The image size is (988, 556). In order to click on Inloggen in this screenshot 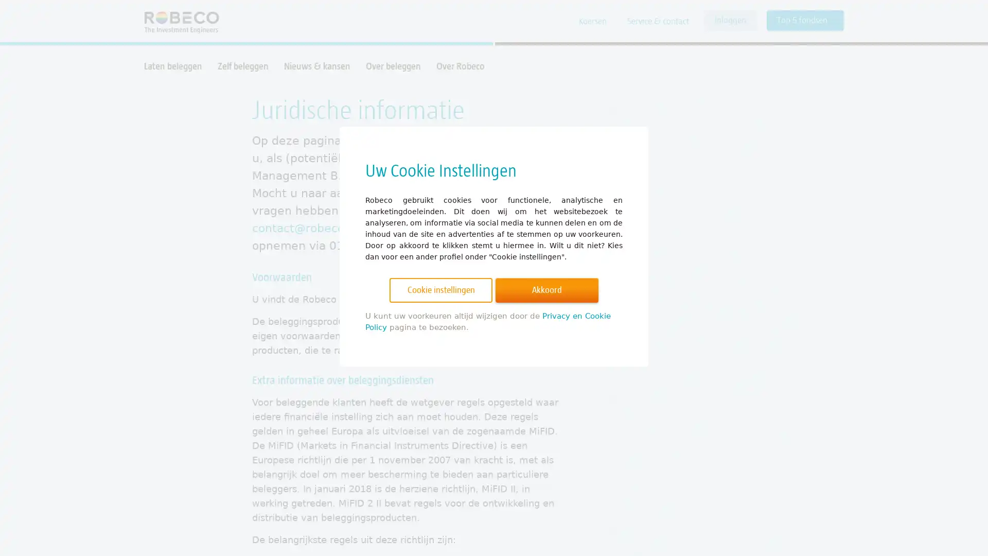, I will do `click(730, 20)`.